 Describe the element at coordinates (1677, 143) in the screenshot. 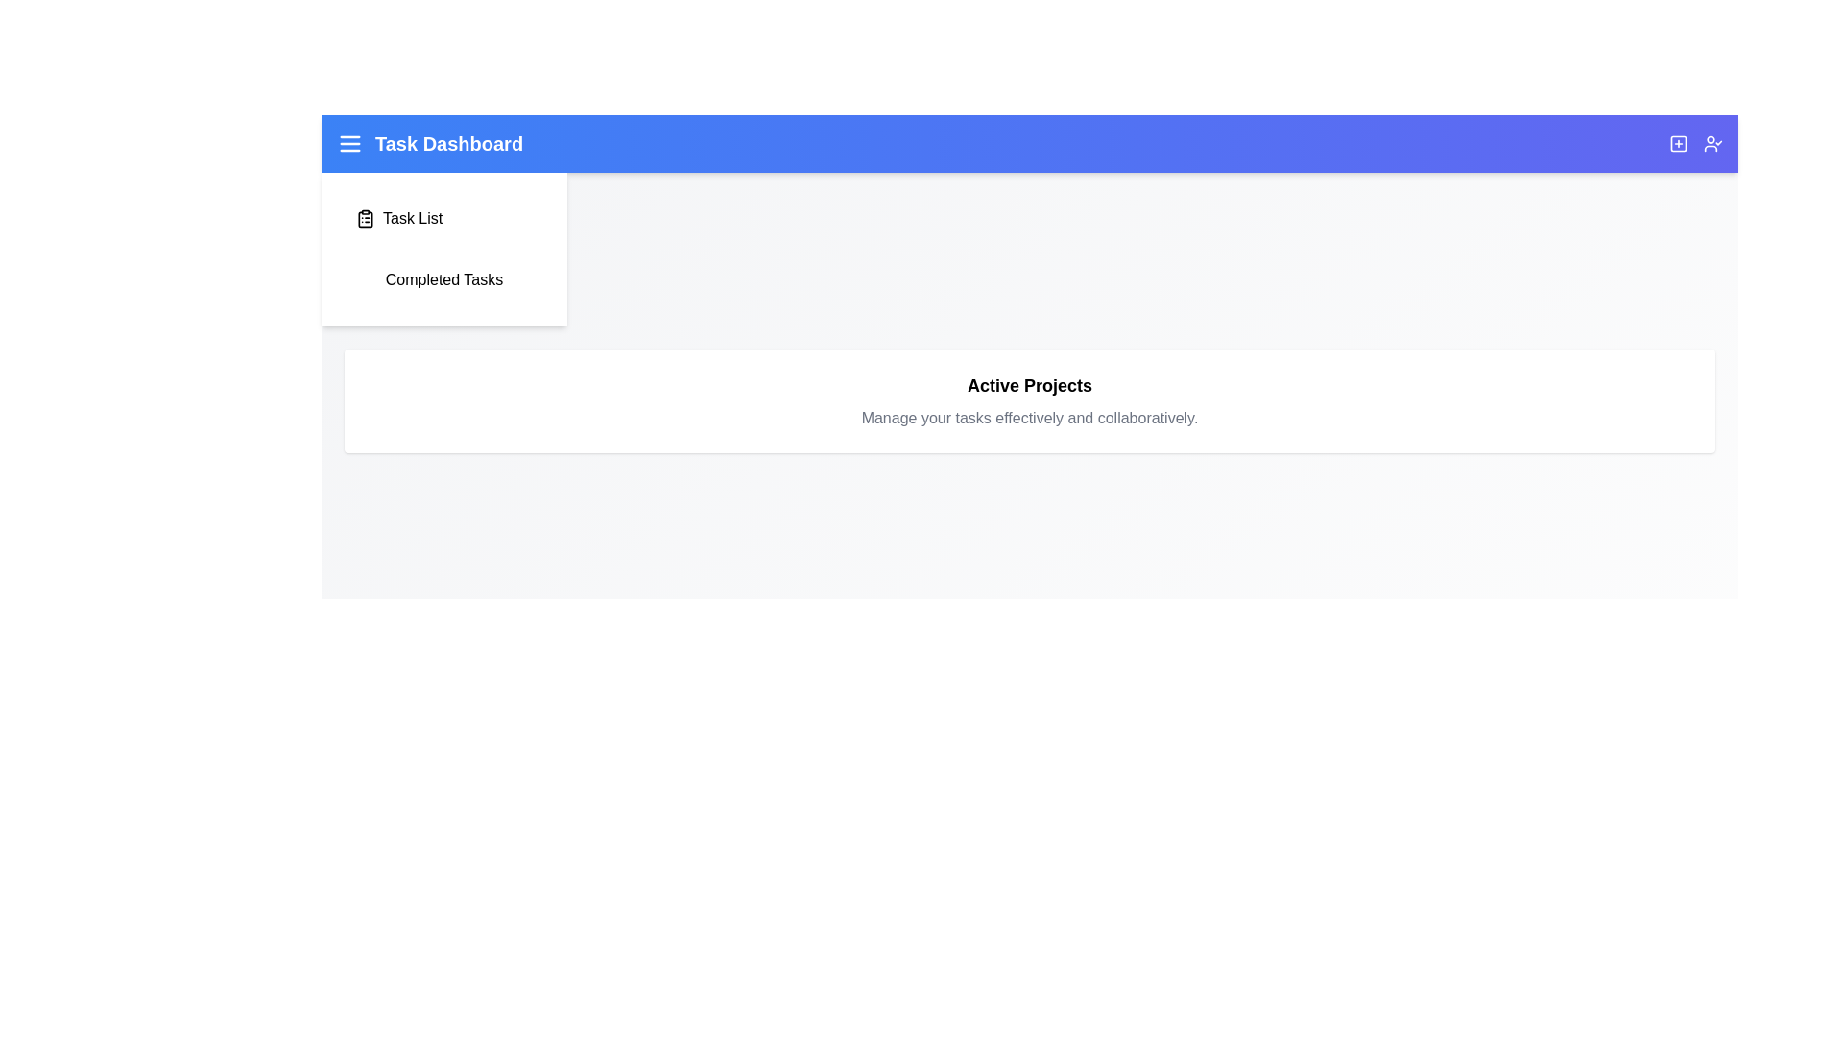

I see `the 'Add New Task' button in the navigation bar` at that location.